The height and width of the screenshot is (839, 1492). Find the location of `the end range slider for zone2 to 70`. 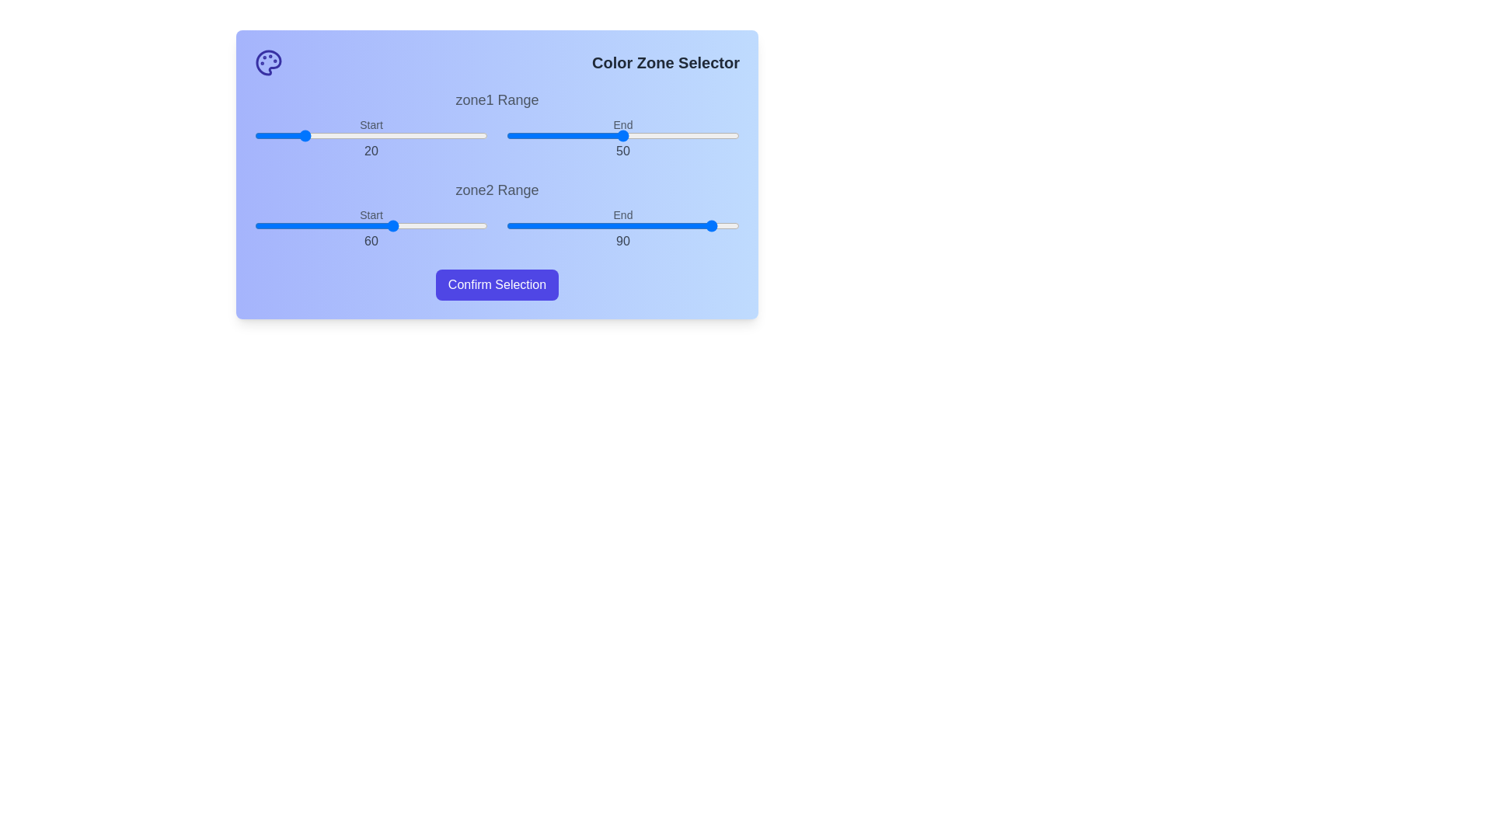

the end range slider for zone2 to 70 is located at coordinates (670, 225).